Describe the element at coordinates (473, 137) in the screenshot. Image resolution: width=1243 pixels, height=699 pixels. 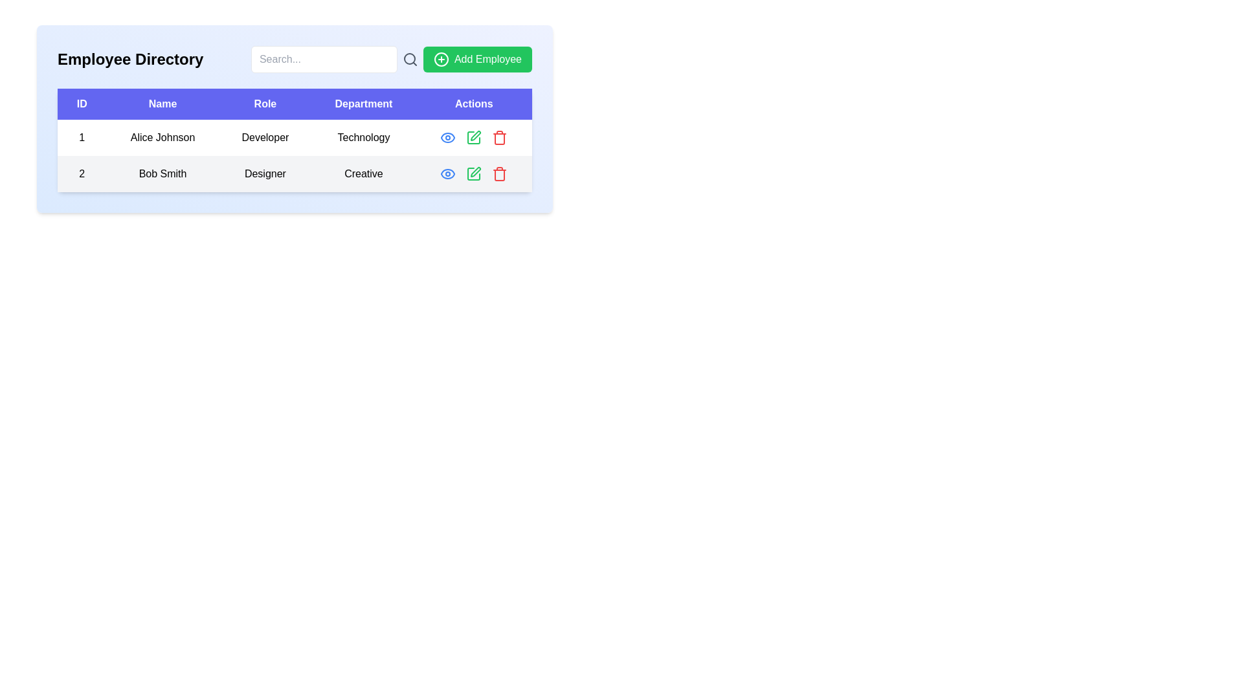
I see `the edit icon button located in the 'Actions' column of the first row of the table, positioned between the 'View' and 'Delete' buttons` at that location.